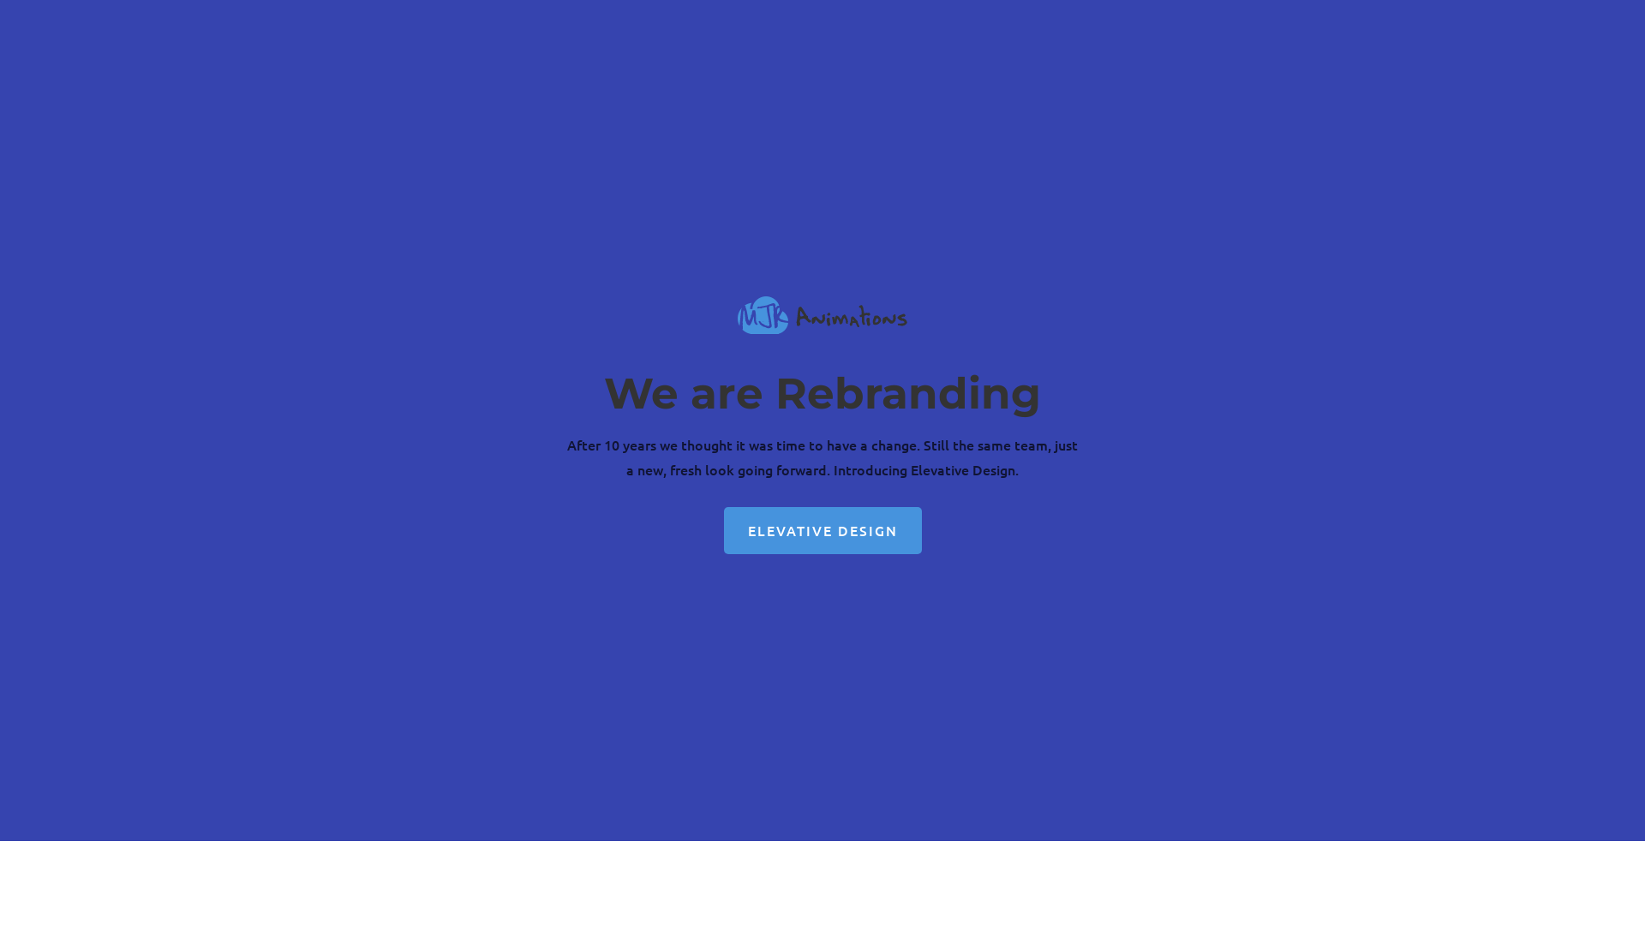 Image resolution: width=1645 pixels, height=925 pixels. What do you see at coordinates (821, 529) in the screenshot?
I see `'ELEVATIVE DESIGN'` at bounding box center [821, 529].